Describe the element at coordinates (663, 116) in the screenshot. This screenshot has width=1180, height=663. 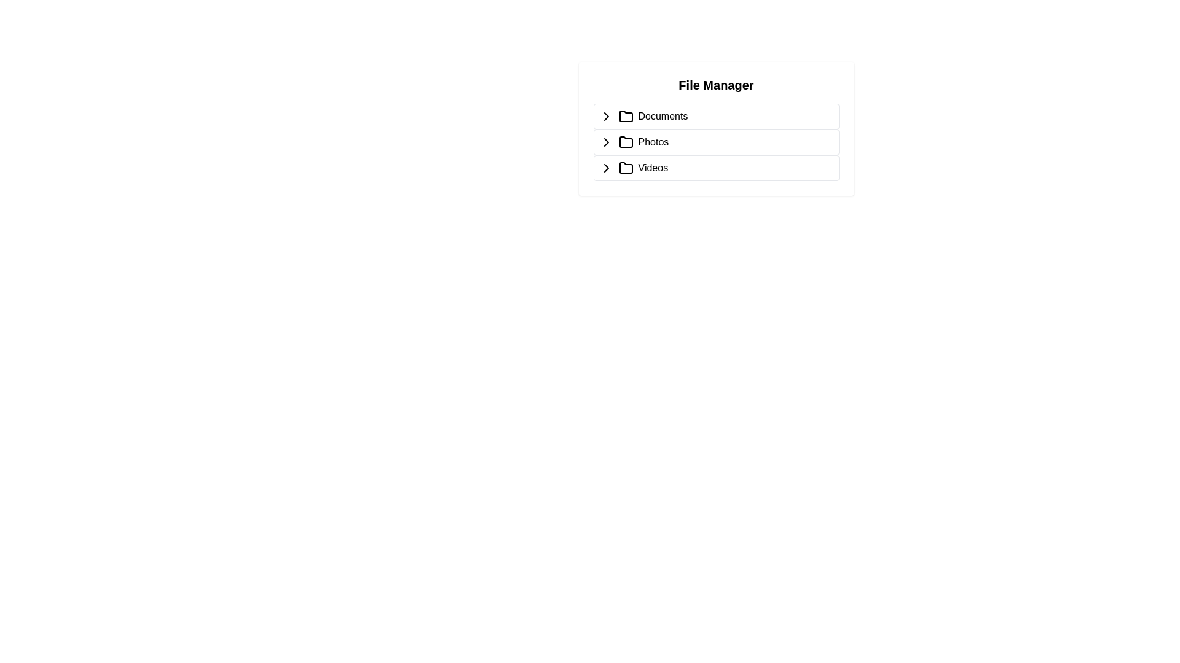
I see `the 'Documents' text label, which is styled in a simple font and positioned to the right of a folder icon in the 'File Manager' list interface` at that location.